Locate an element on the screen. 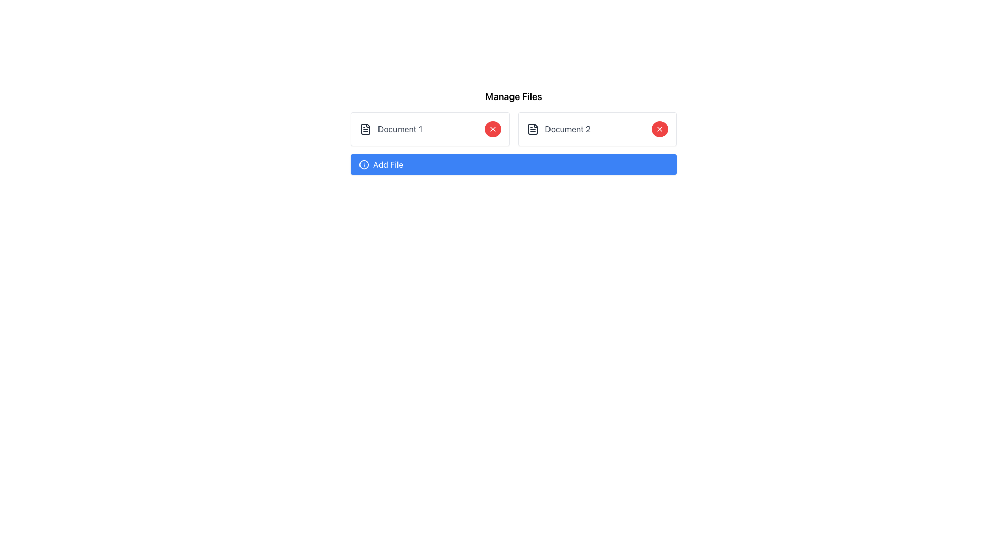 This screenshot has width=986, height=554. the filled SVG circle element located inside the informational icon is located at coordinates (364, 164).